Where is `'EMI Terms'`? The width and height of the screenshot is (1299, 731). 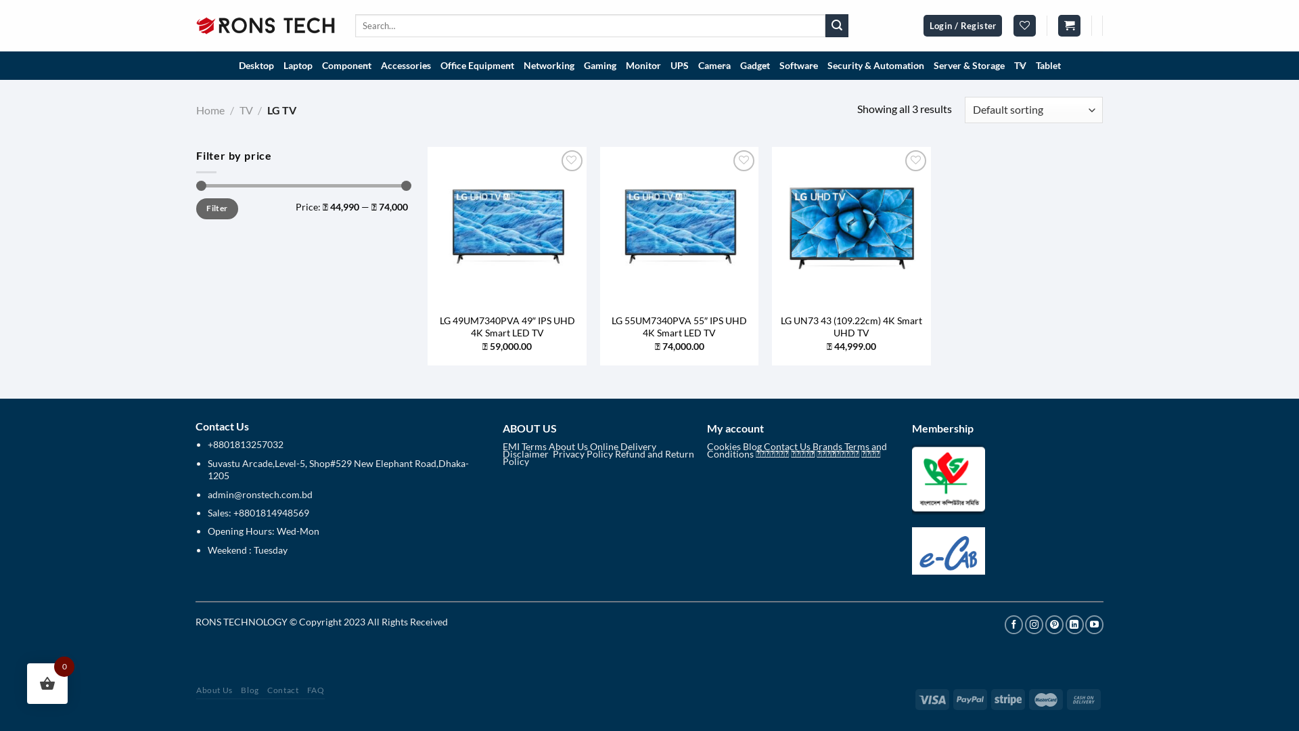
'EMI Terms' is located at coordinates (501, 446).